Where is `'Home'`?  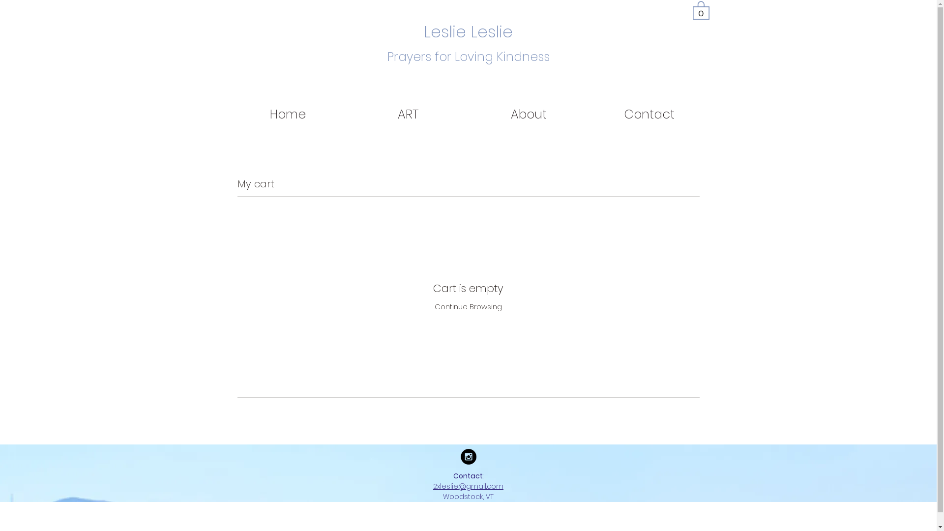
'Home' is located at coordinates (287, 114).